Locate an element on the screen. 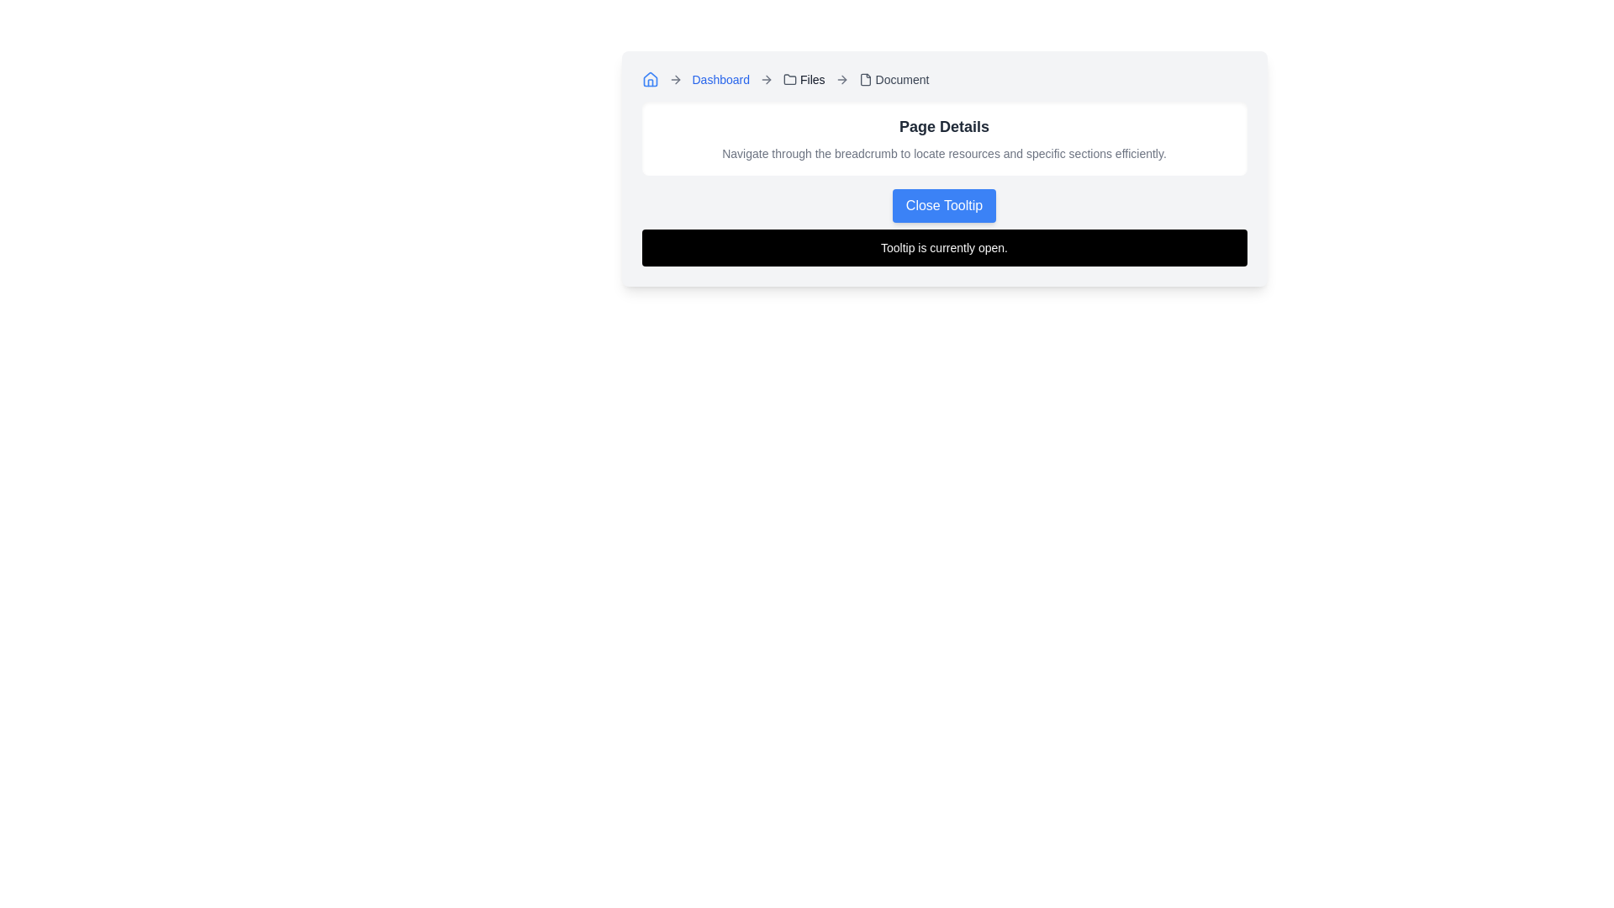 Image resolution: width=1614 pixels, height=908 pixels. the 'Files' breadcrumb link, which is styled with a medium font-weight and accompanied by a gray folder icon is located at coordinates (803, 80).